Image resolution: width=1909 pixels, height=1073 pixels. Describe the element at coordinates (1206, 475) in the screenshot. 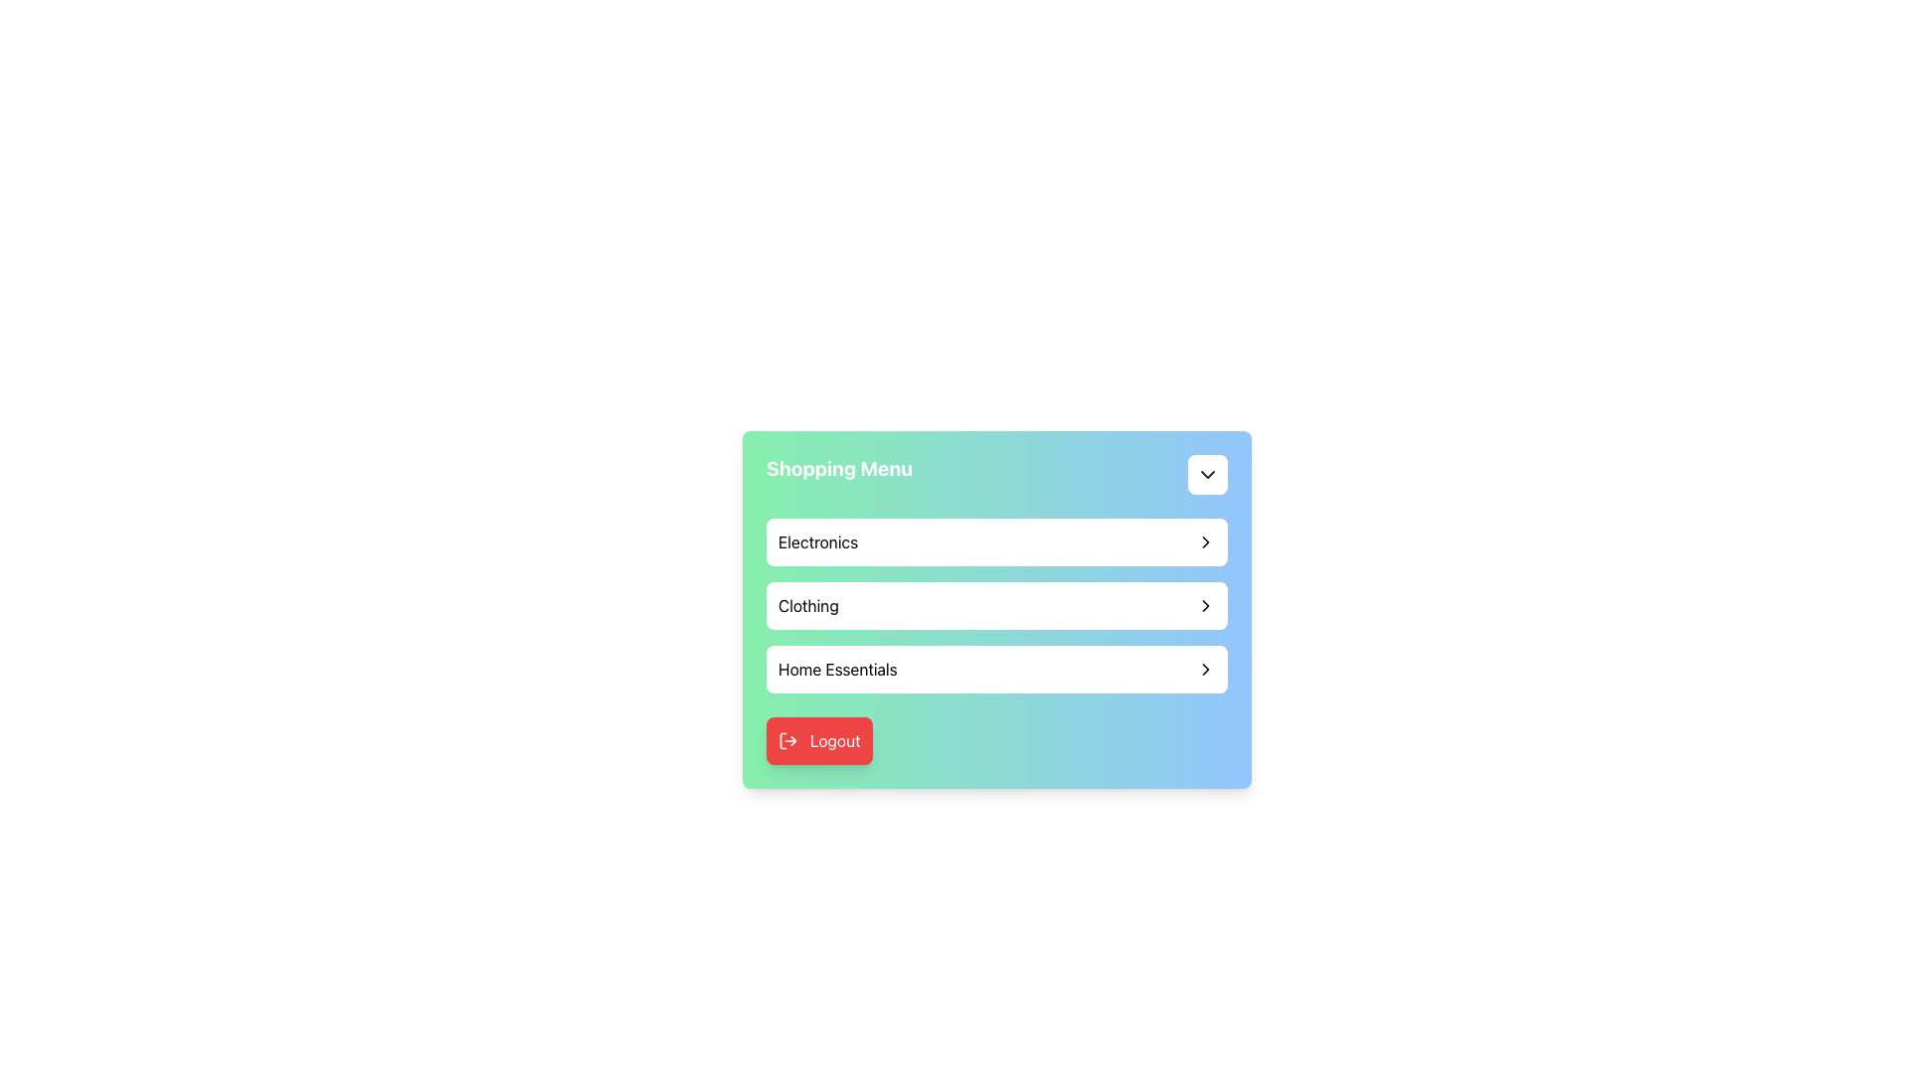

I see `the Chevron Down Arrow icon located in the top-right corner of the 'Shopping Menu' card` at that location.